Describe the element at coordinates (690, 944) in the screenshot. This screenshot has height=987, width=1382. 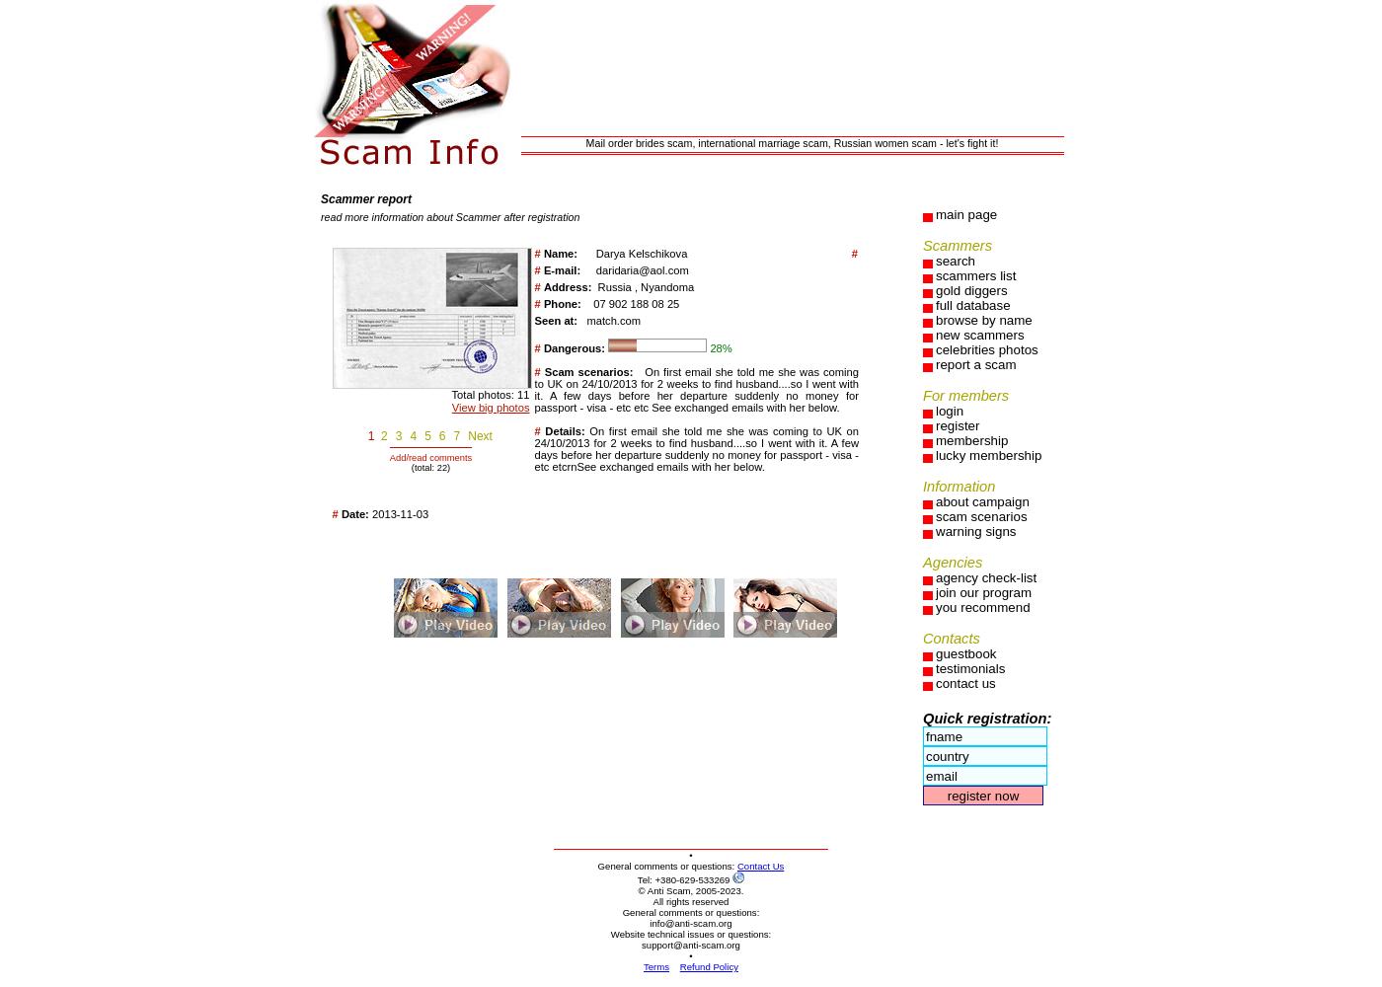
I see `'support@anti-scam.org'` at that location.